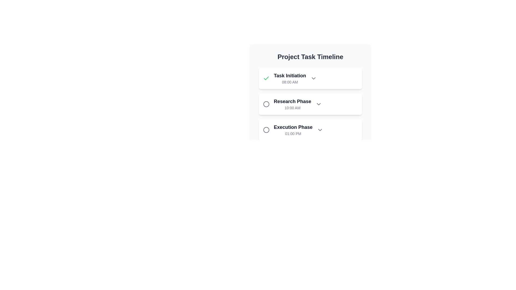 The image size is (516, 290). I want to click on the 'Execution Phase' task label, so click(293, 130).